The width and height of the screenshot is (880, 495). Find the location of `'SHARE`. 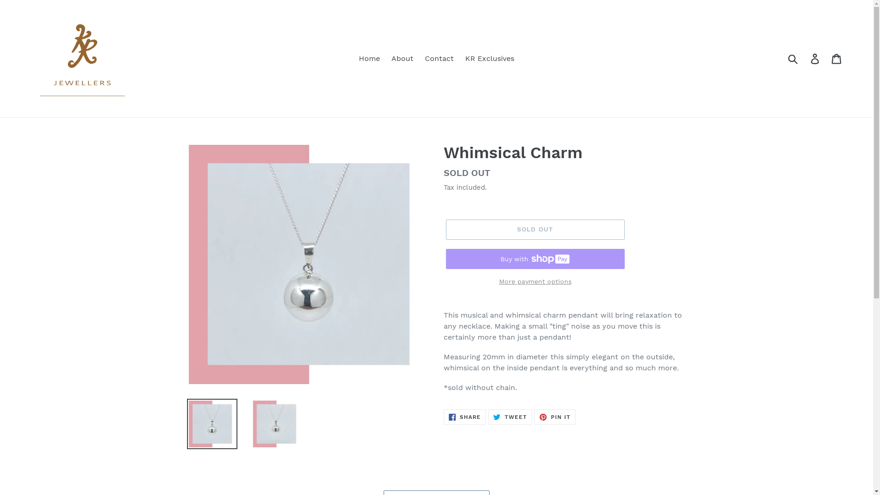

'SHARE is located at coordinates (465, 417).